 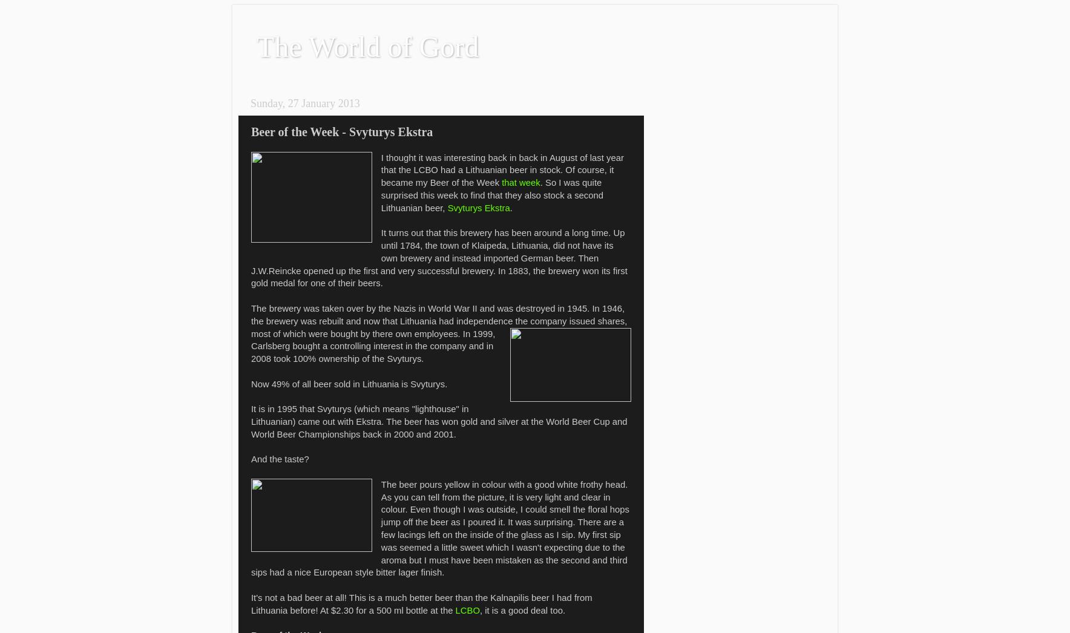 I want to click on 'Sunday, 27 January 2013', so click(x=251, y=103).